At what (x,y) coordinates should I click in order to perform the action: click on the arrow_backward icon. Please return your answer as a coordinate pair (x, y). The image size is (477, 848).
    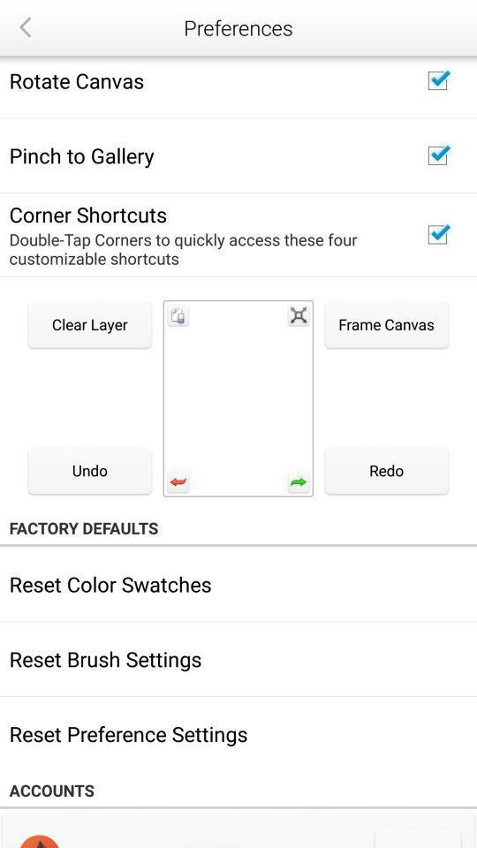
    Looking at the image, I should click on (24, 26).